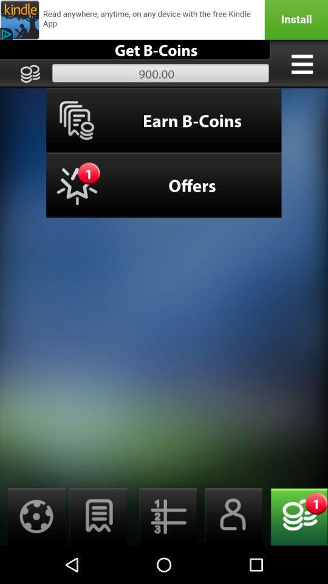  I want to click on setting option, so click(33, 516).